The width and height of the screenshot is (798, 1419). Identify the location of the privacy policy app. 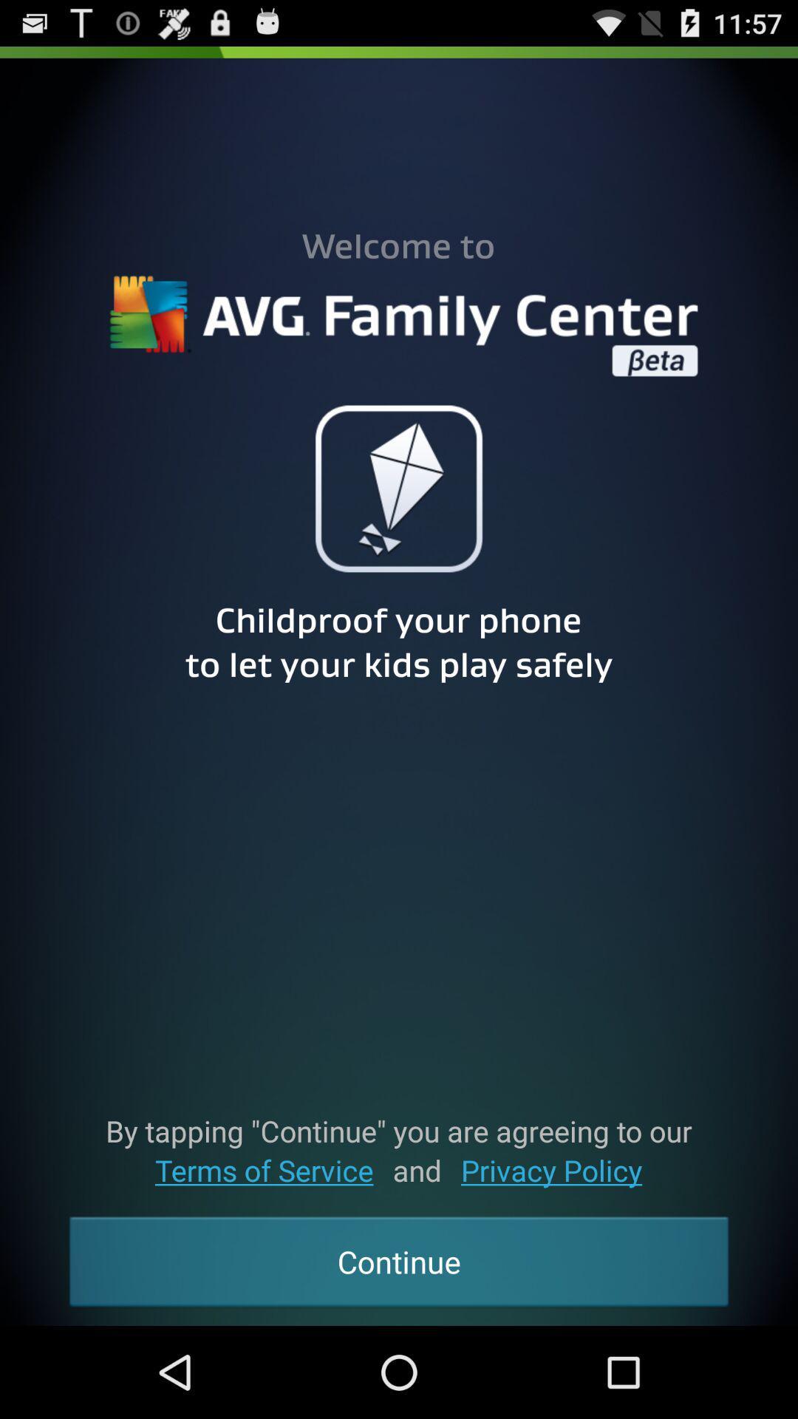
(551, 1169).